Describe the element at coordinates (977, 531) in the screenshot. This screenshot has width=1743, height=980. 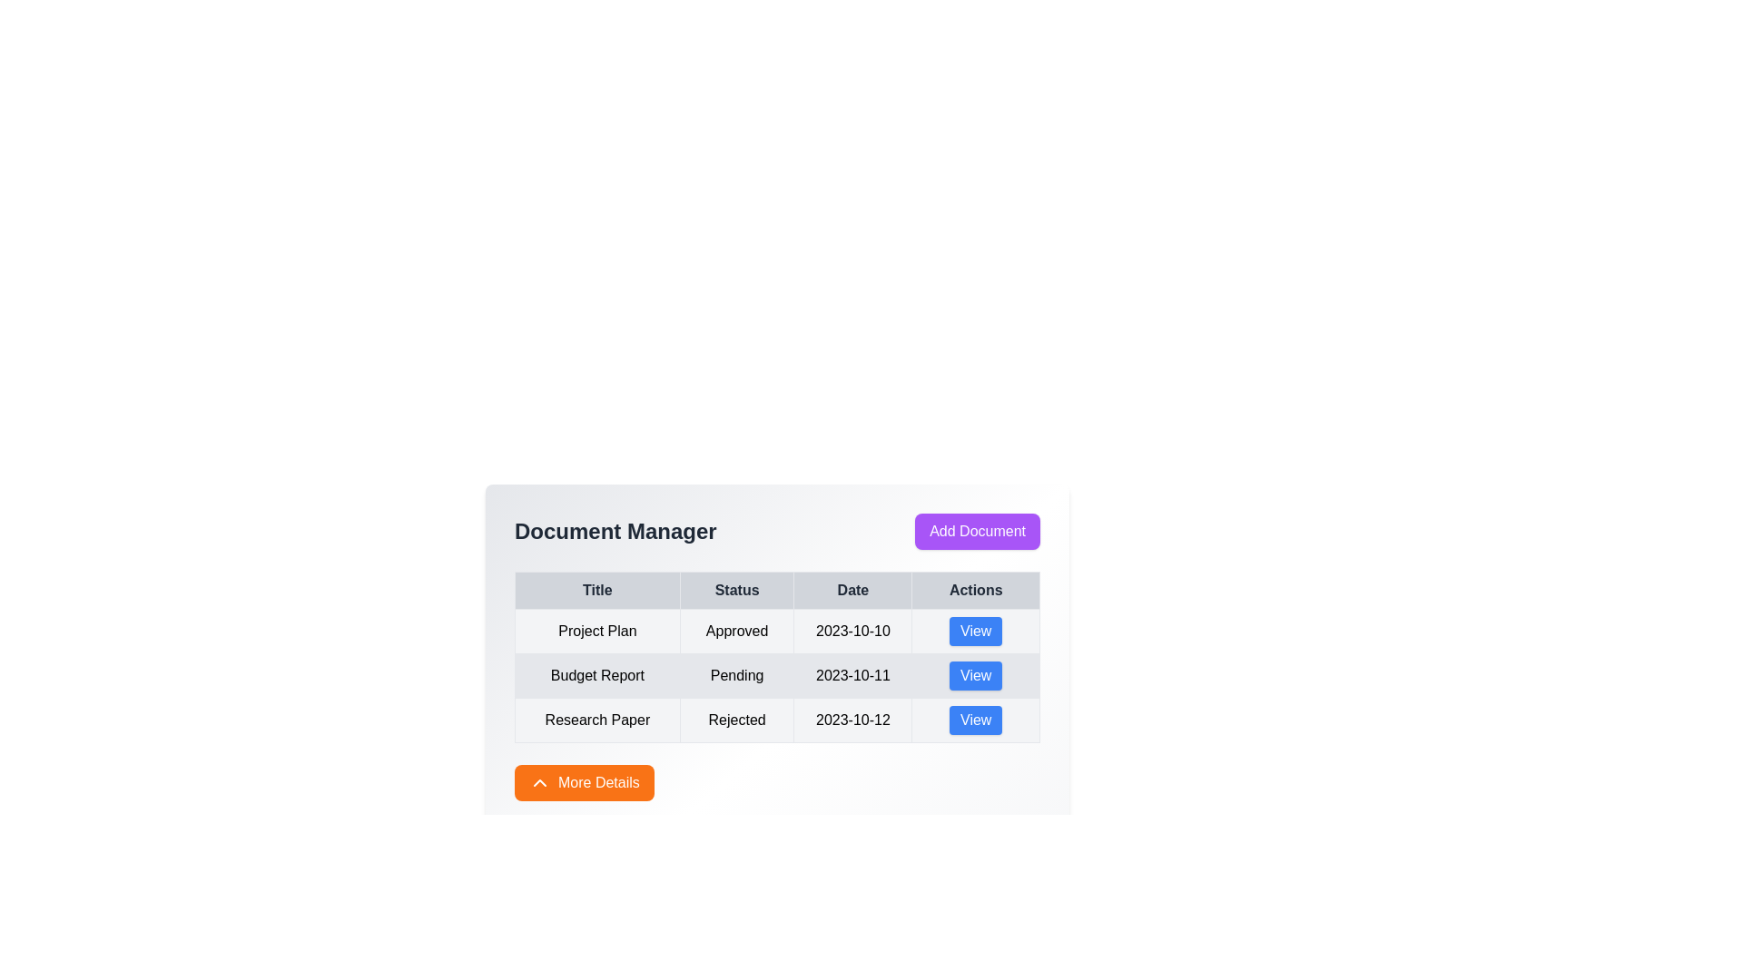
I see `the 'Add Document' button` at that location.